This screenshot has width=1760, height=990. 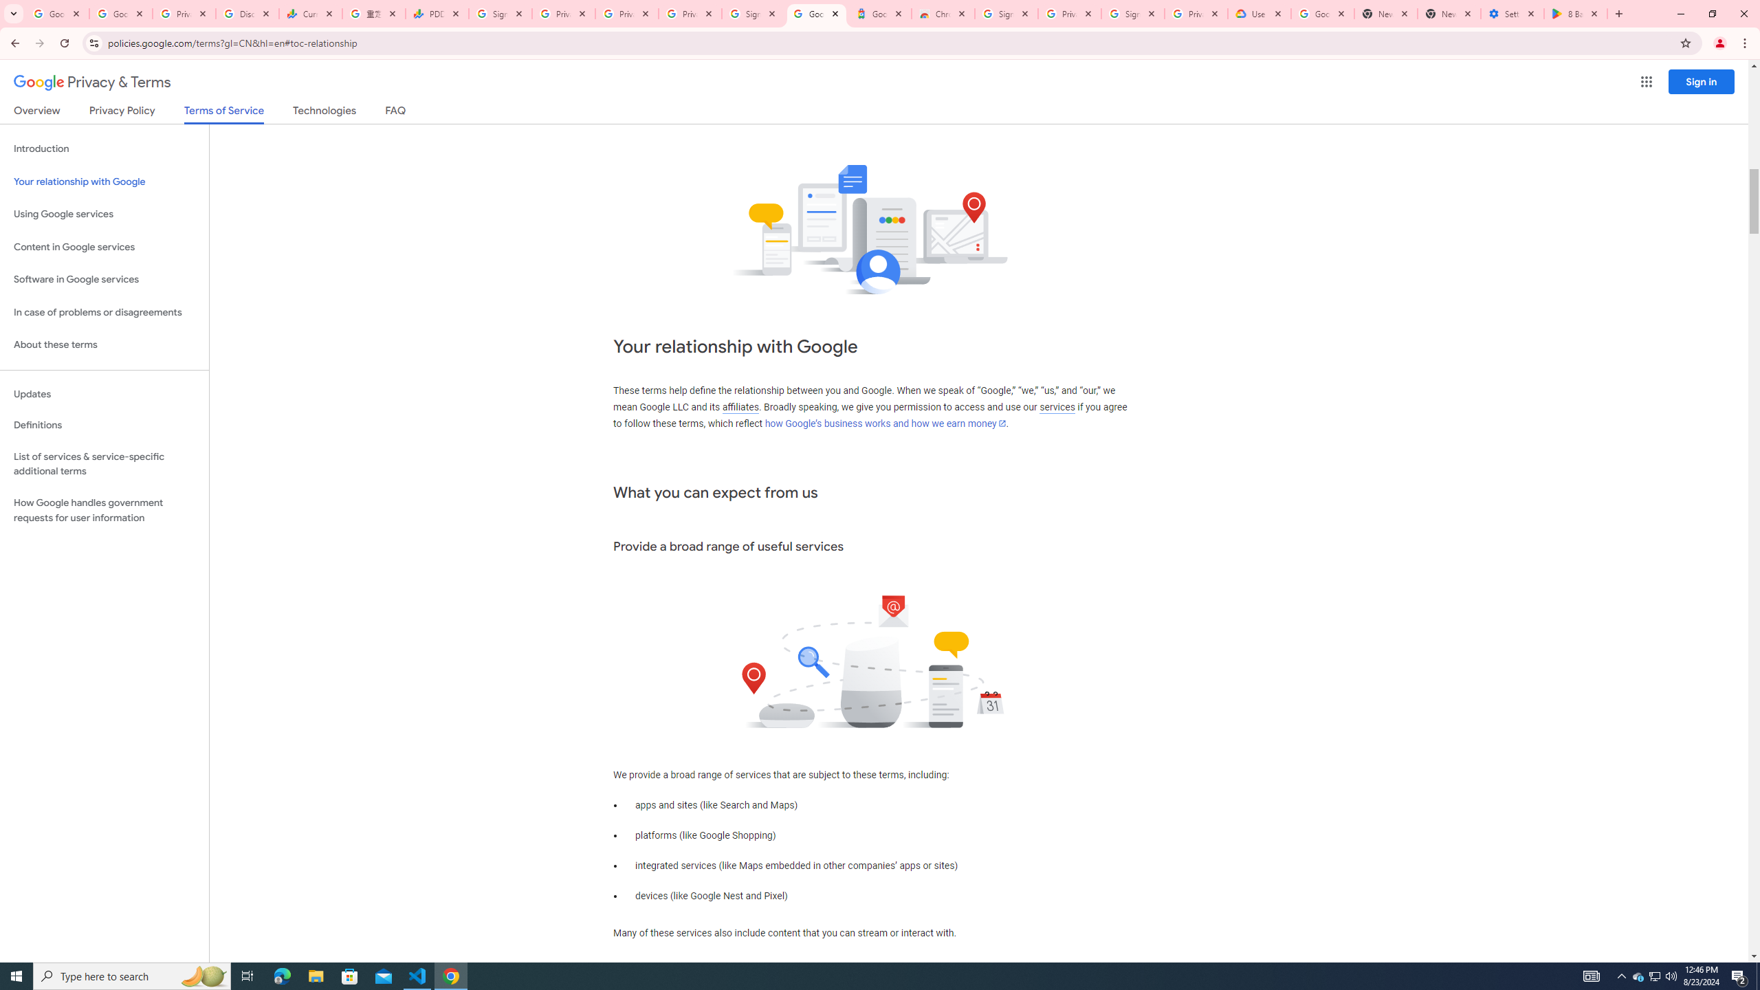 I want to click on 'Chrome Web Store - Color themes by Chrome', so click(x=941, y=13).